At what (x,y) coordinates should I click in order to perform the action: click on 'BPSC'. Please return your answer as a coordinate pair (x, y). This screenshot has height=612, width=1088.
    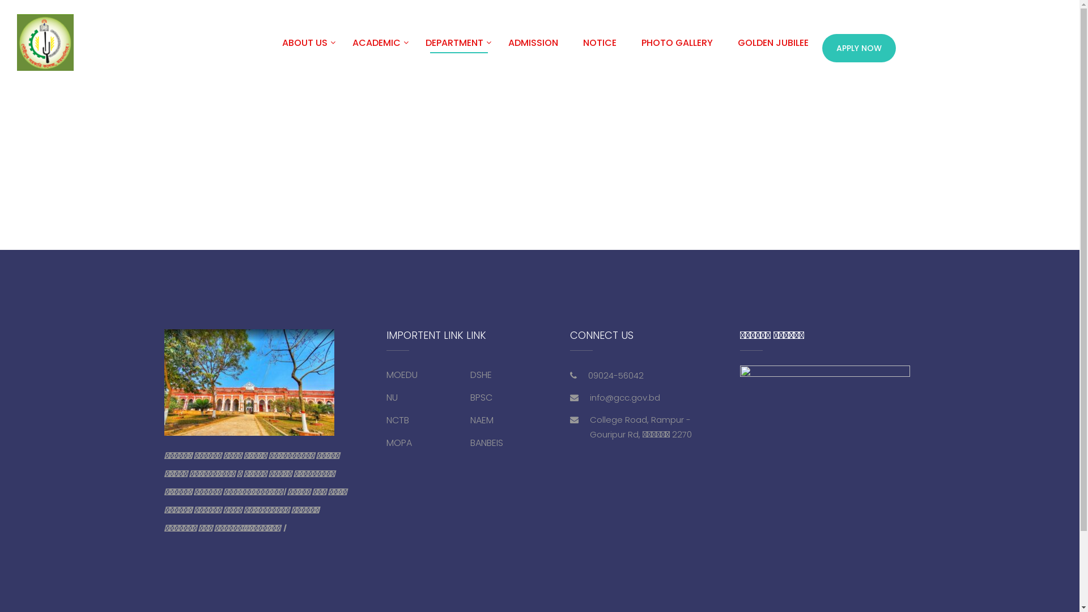
    Looking at the image, I should click on (481, 397).